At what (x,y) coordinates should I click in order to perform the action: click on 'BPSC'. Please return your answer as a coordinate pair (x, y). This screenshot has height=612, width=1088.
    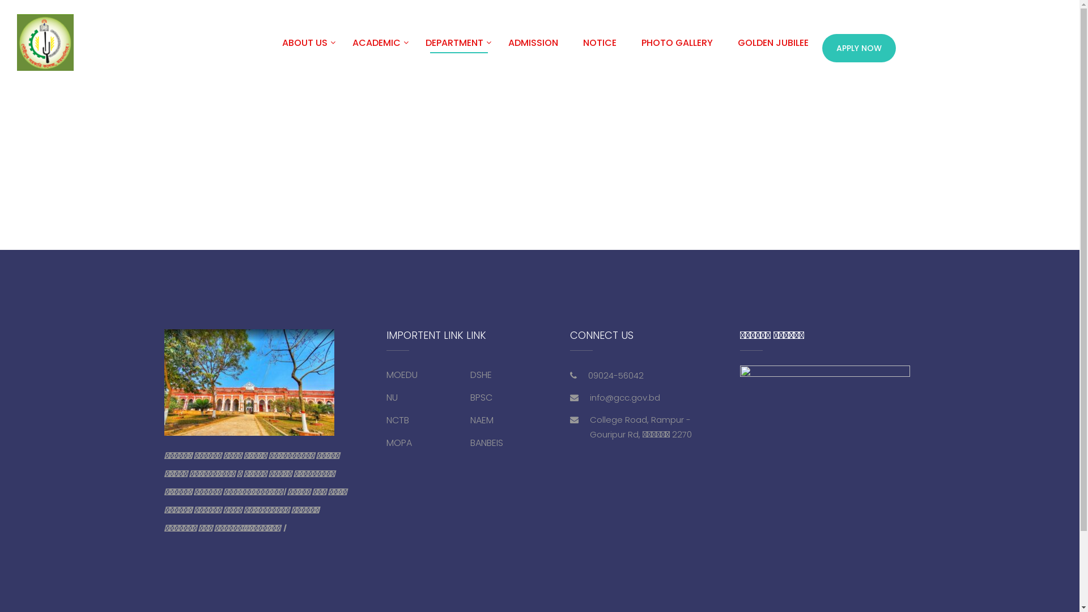
    Looking at the image, I should click on (481, 397).